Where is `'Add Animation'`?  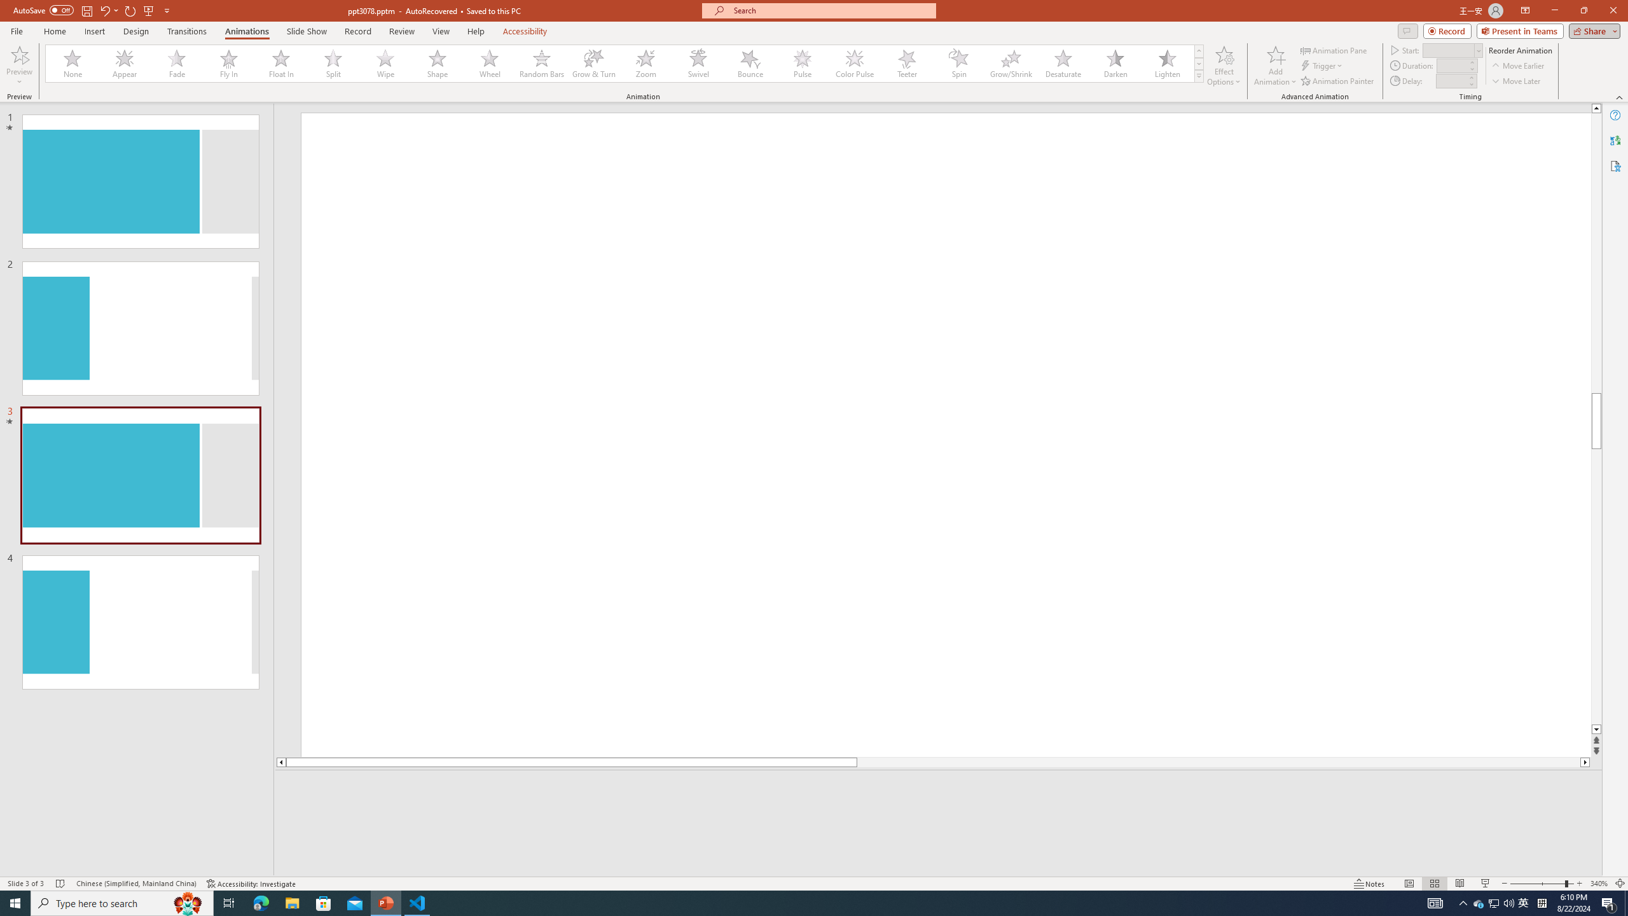
'Add Animation' is located at coordinates (1276, 66).